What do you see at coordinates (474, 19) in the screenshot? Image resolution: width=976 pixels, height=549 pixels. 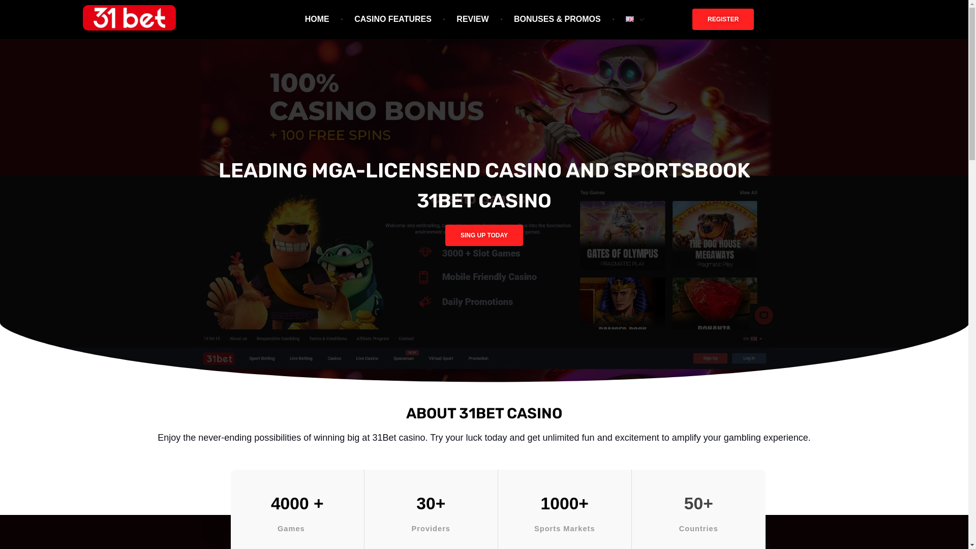 I see `'REVIEW'` at bounding box center [474, 19].